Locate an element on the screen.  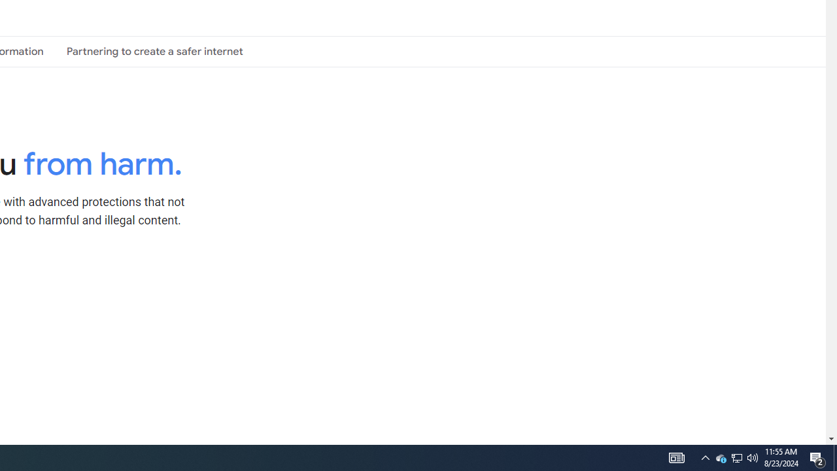
'Partnering to create a safer internet' is located at coordinates (154, 50).